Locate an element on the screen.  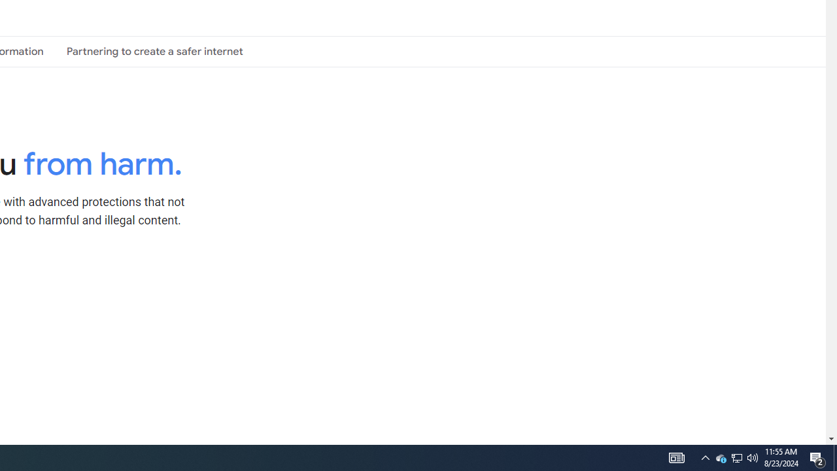
'Partnering to create a safer internet' is located at coordinates (154, 50).